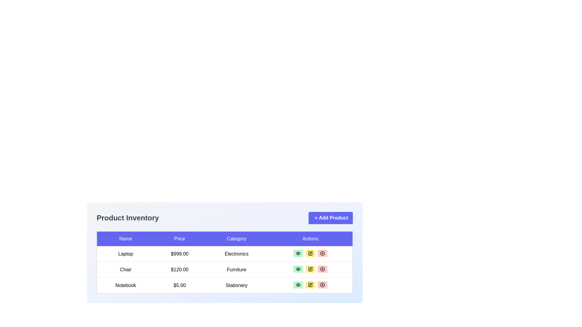 The image size is (582, 327). What do you see at coordinates (310, 285) in the screenshot?
I see `the edit icon in the last row of the 'Product Inventory' table under the 'Actions' column to initiate an edit action` at bounding box center [310, 285].